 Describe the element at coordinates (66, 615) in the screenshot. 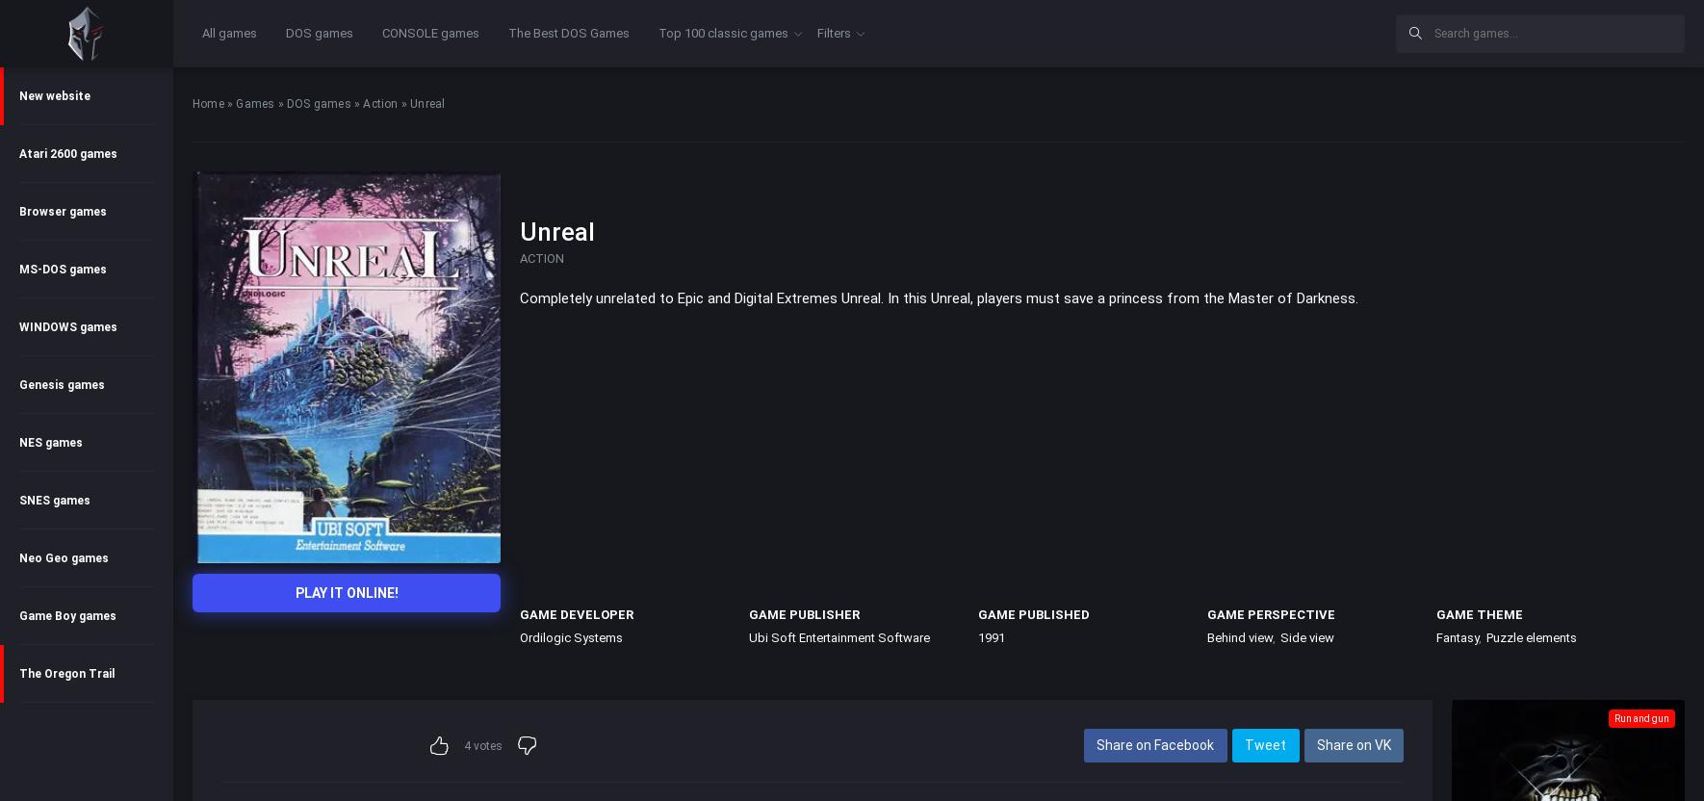

I see `'Game Boy games'` at that location.